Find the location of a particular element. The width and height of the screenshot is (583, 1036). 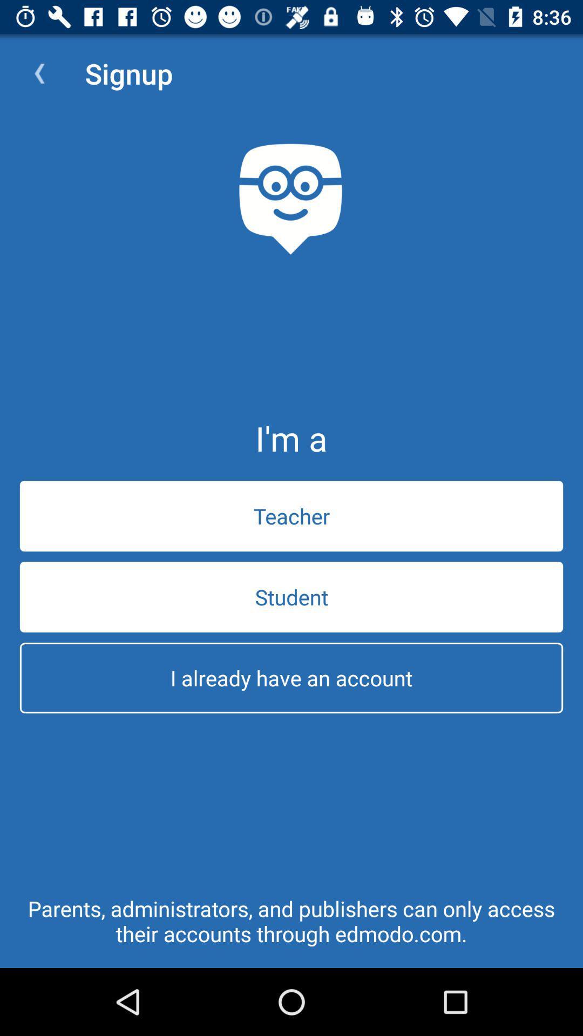

the icon below teacher item is located at coordinates (291, 596).